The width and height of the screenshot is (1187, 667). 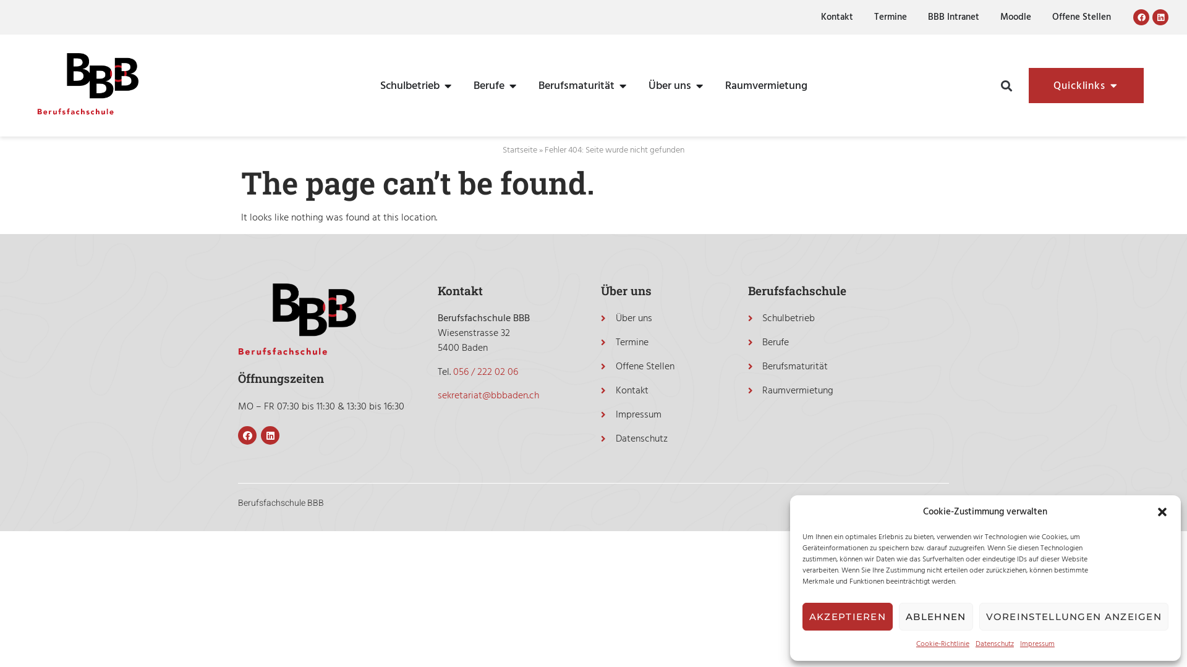 I want to click on 'Kontakt', so click(x=836, y=17).